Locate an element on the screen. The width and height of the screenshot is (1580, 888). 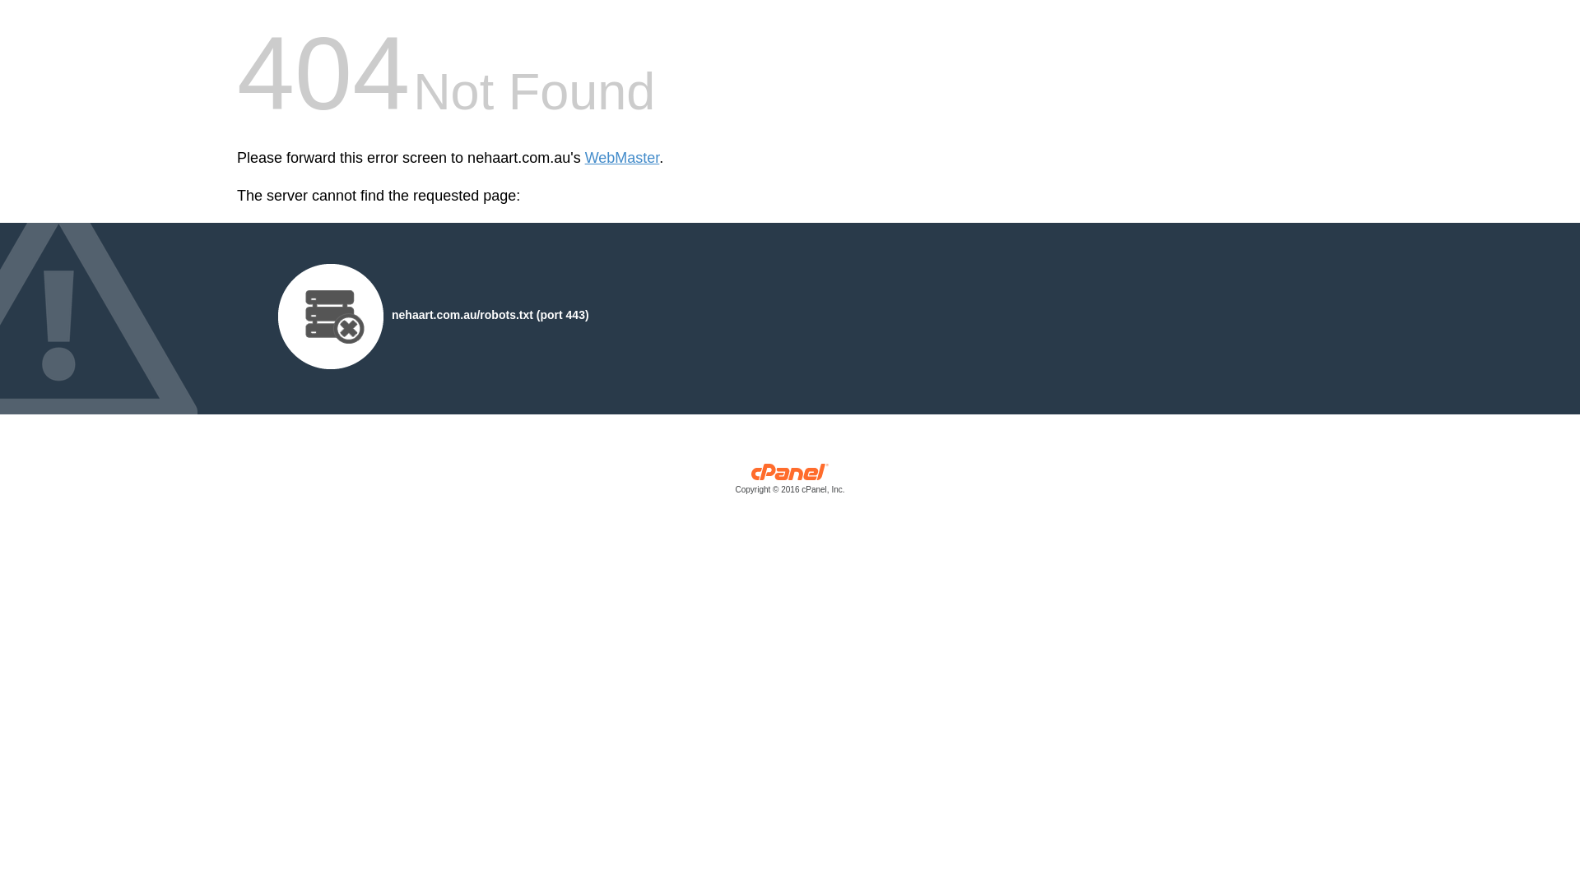
'WebMaster' is located at coordinates (584, 158).